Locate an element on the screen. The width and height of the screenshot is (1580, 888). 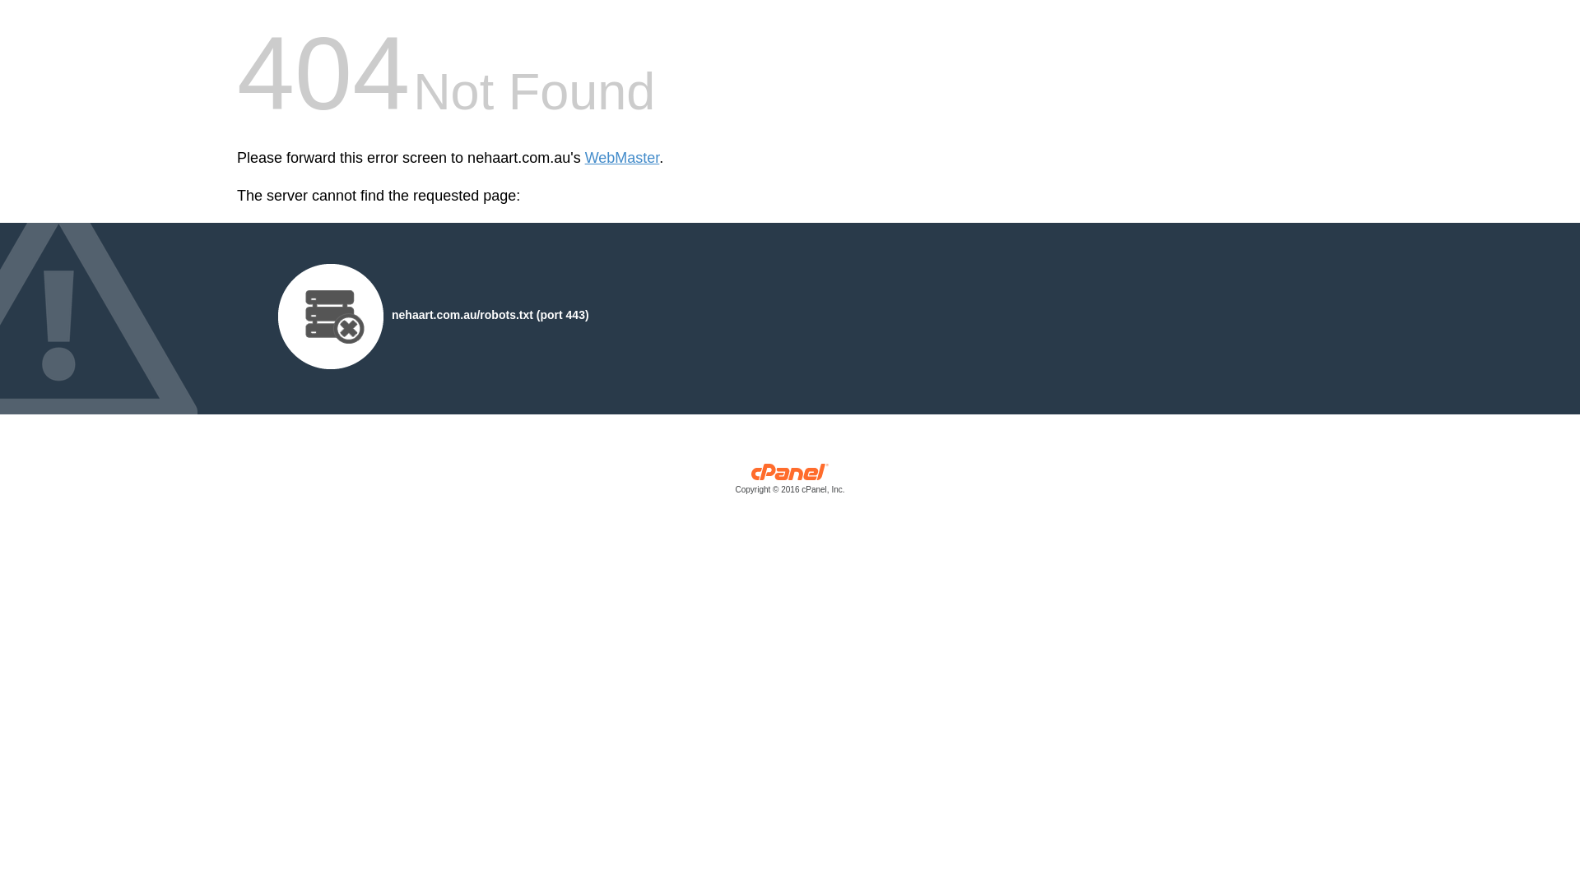
'WebMaster' is located at coordinates (584, 158).